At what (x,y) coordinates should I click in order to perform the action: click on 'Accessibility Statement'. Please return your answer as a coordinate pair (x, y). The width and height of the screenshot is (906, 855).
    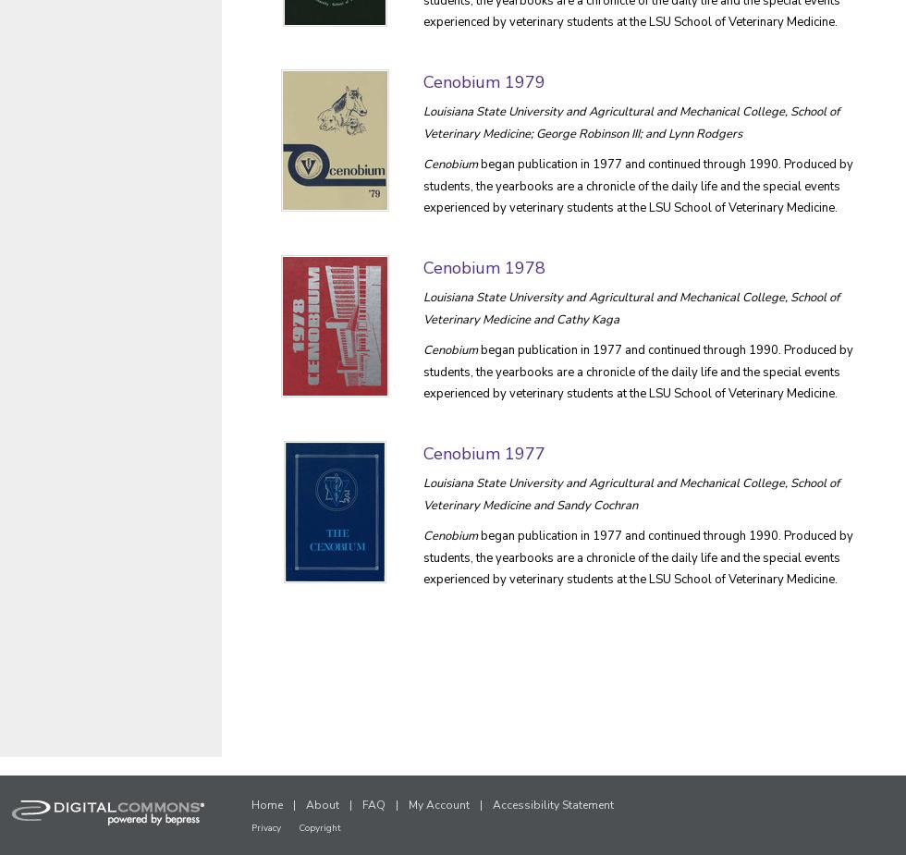
    Looking at the image, I should click on (553, 803).